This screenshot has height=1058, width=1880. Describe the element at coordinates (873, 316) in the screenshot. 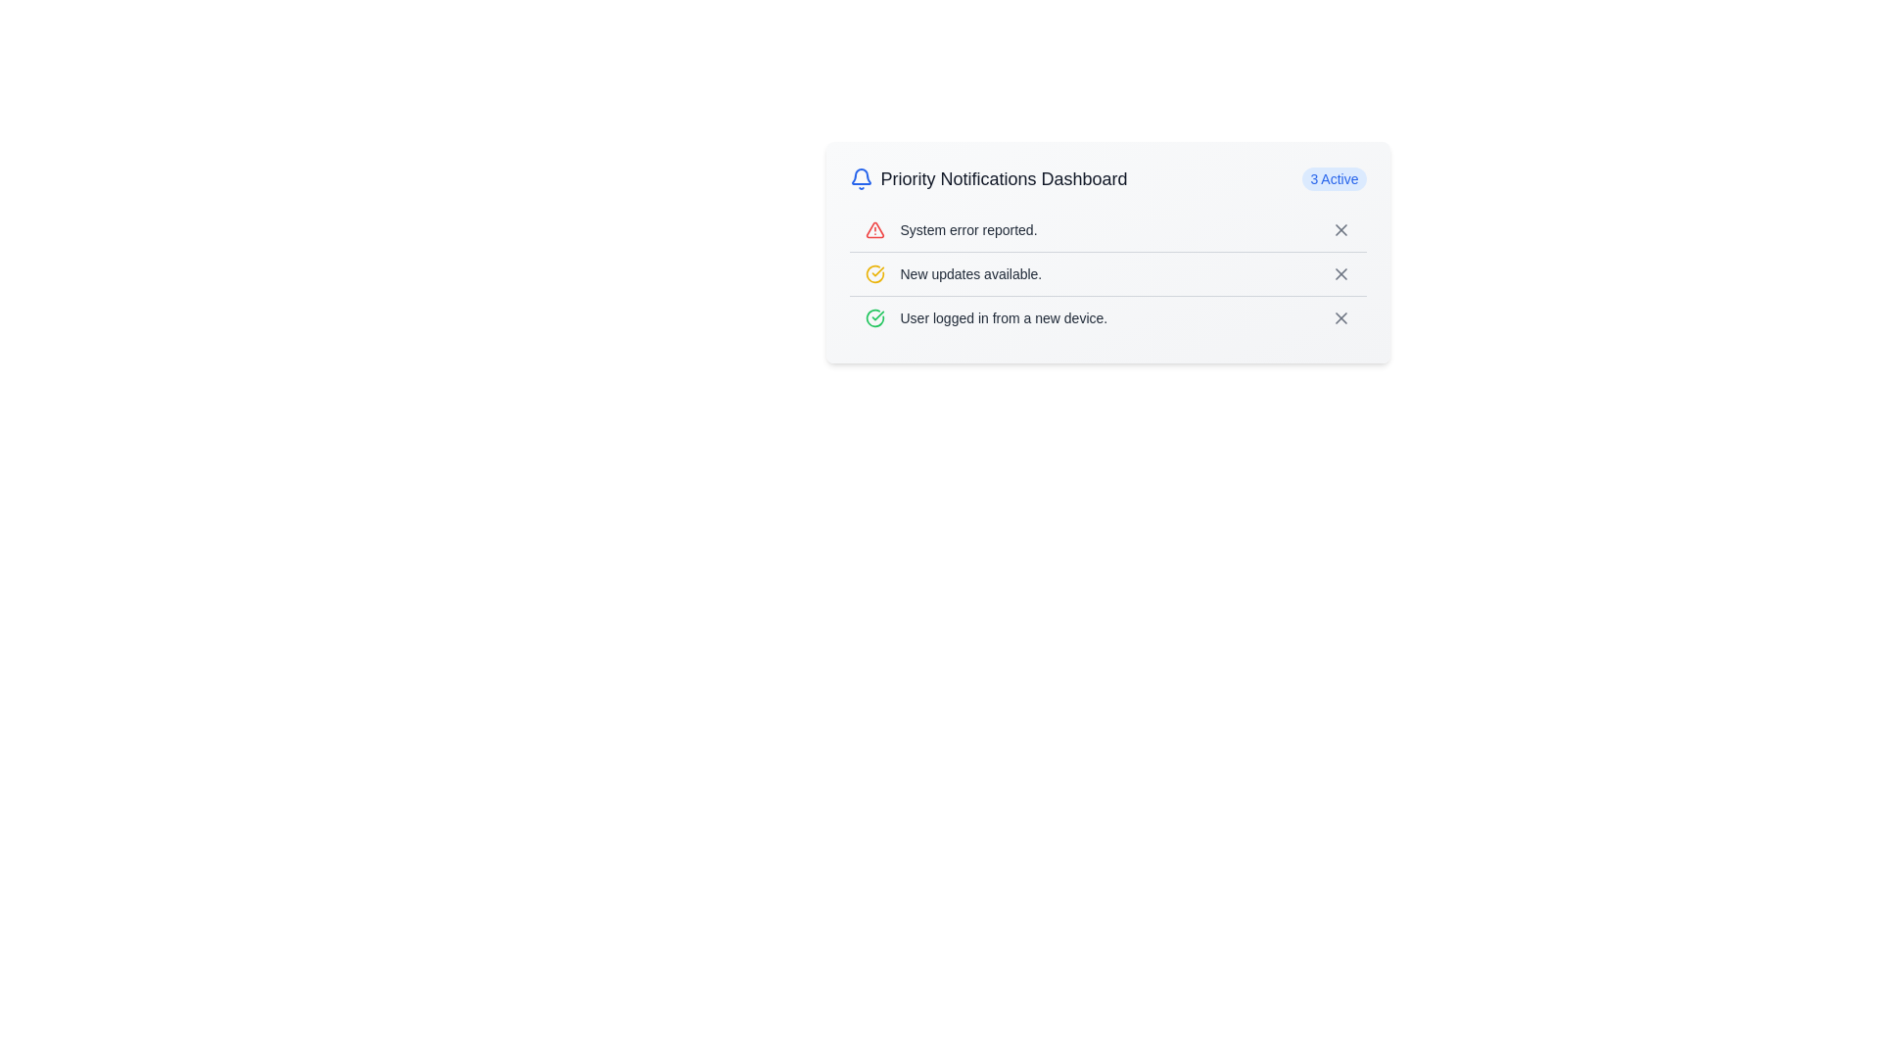

I see `the affirmative icon located to the left of the text 'User logged in from a new device.' in the third row of the notification list` at that location.